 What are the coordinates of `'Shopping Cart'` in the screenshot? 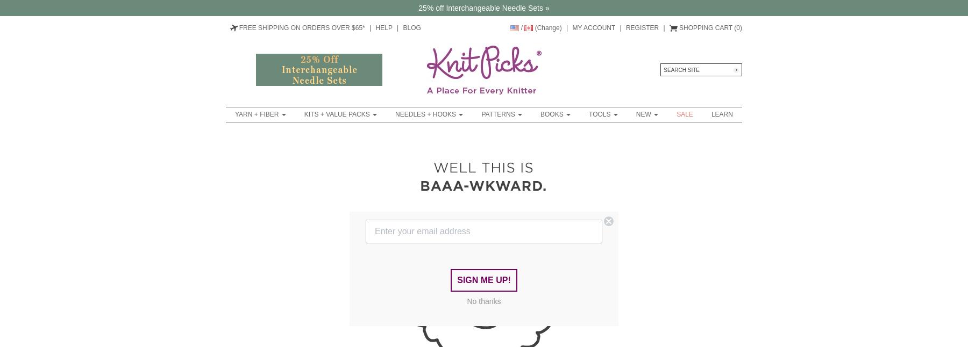 It's located at (706, 27).